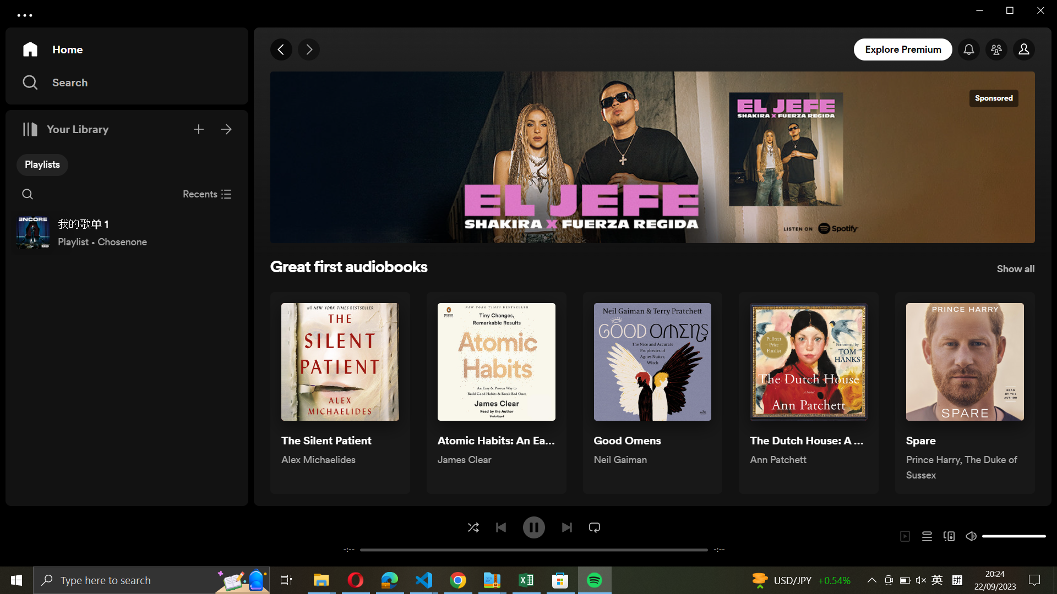 Image resolution: width=1057 pixels, height=594 pixels. What do you see at coordinates (282, 50) in the screenshot?
I see `Go to the previous page` at bounding box center [282, 50].